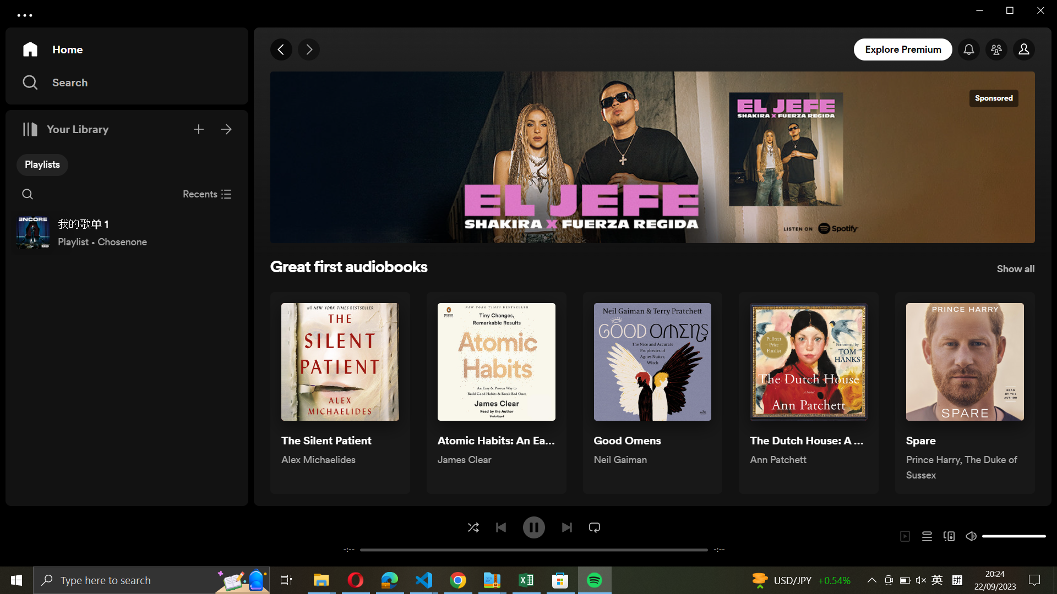 Image resolution: width=1057 pixels, height=594 pixels. What do you see at coordinates (282, 50) in the screenshot?
I see `Go to the previous page` at bounding box center [282, 50].